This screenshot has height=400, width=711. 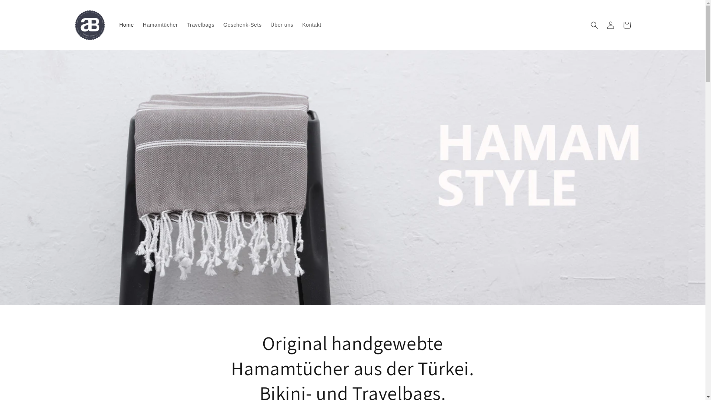 I want to click on 'Kontakt', so click(x=311, y=24).